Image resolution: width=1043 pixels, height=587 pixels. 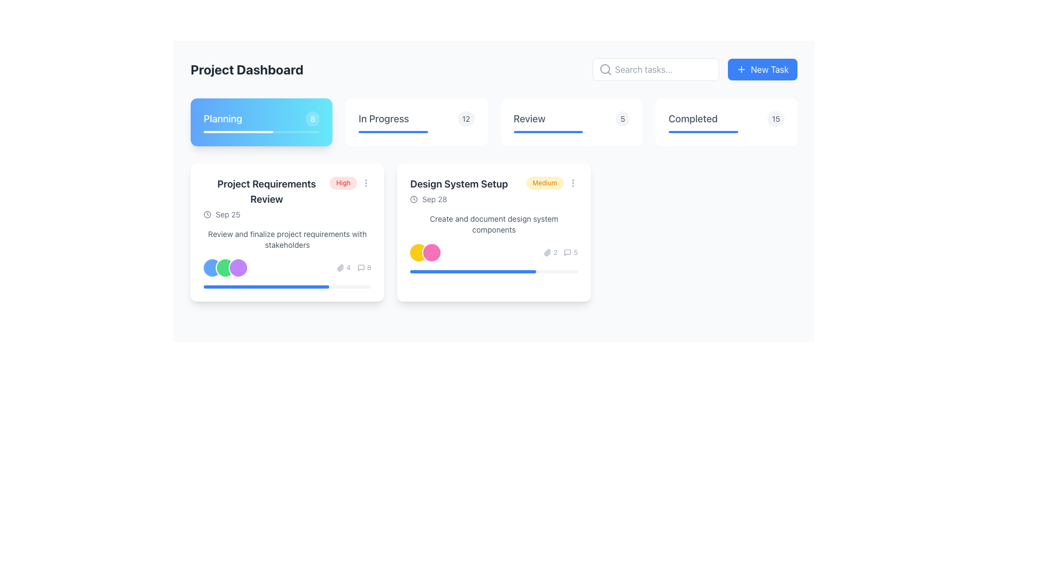 What do you see at coordinates (237, 132) in the screenshot?
I see `Progress Bar Indicator located in the 'Planning' section of the dashboard, which visually represents a completed percentage of 60%` at bounding box center [237, 132].